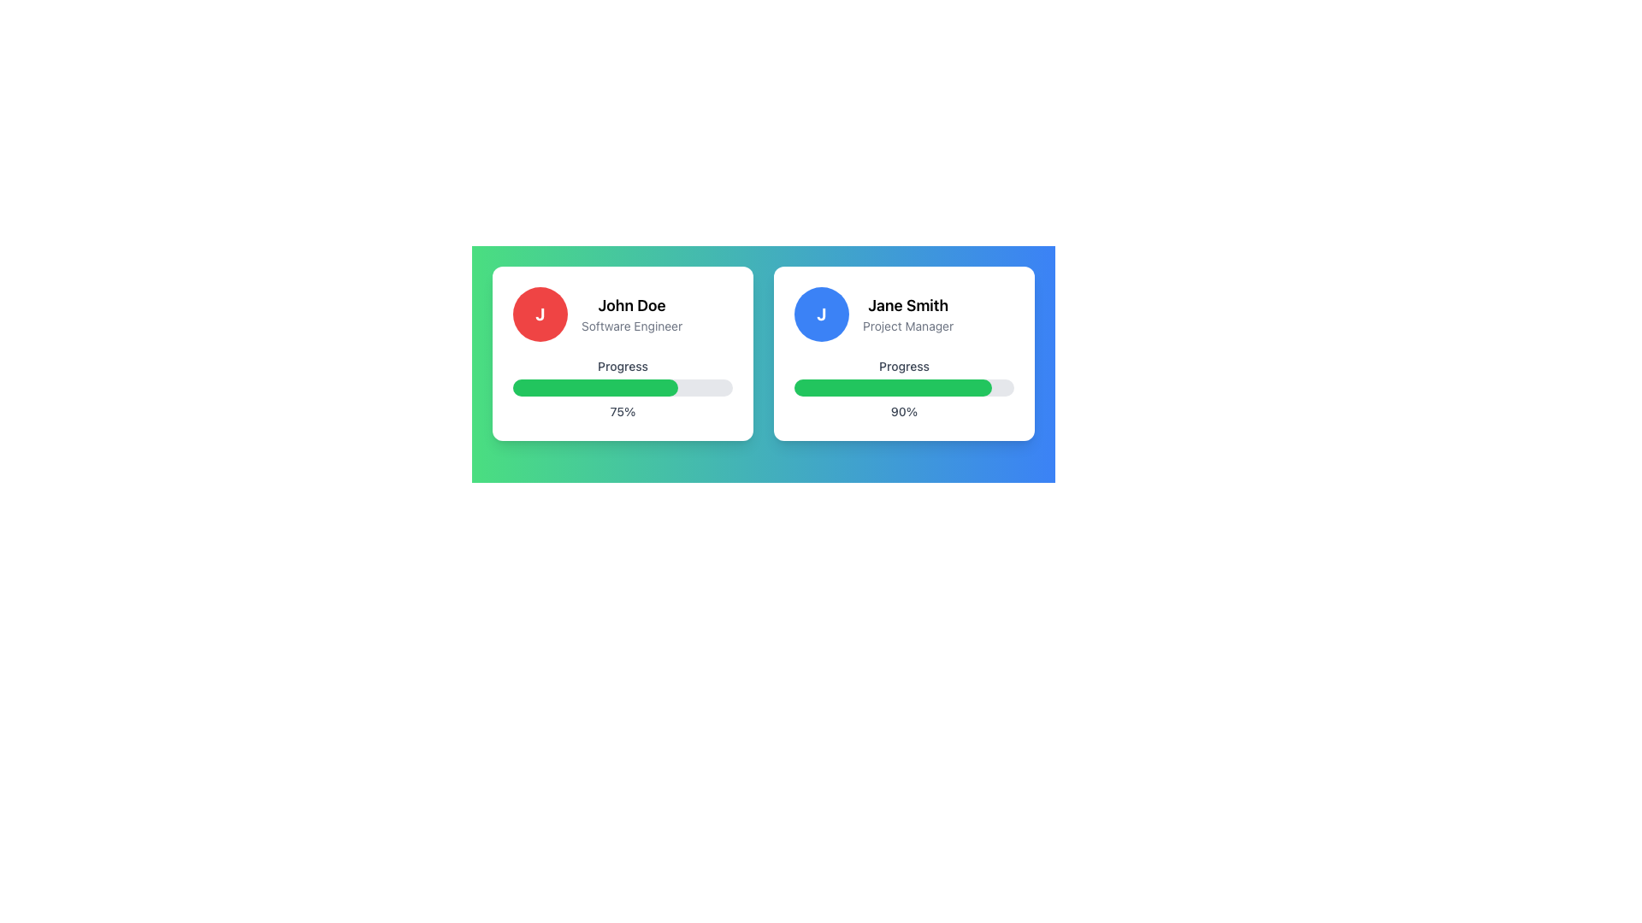 The width and height of the screenshot is (1642, 923). Describe the element at coordinates (903, 314) in the screenshot. I see `the Profile Summary Section element that displays a circular blue icon with the letter 'J' and the name 'Jane Smith' along with 'Project Manager' text` at that location.